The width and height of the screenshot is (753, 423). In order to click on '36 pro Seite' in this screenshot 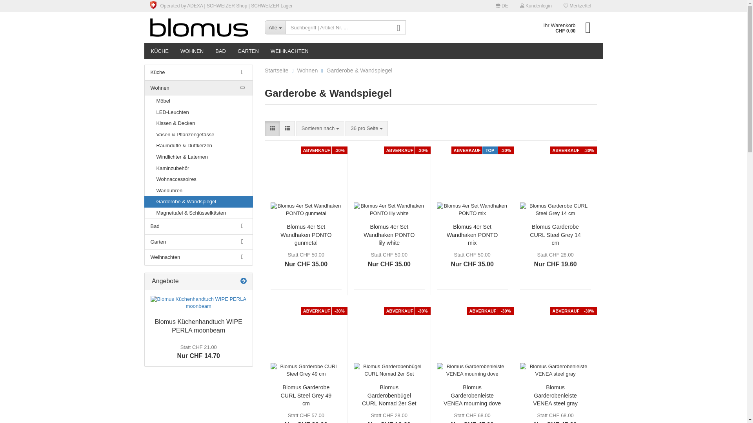, I will do `click(366, 128)`.